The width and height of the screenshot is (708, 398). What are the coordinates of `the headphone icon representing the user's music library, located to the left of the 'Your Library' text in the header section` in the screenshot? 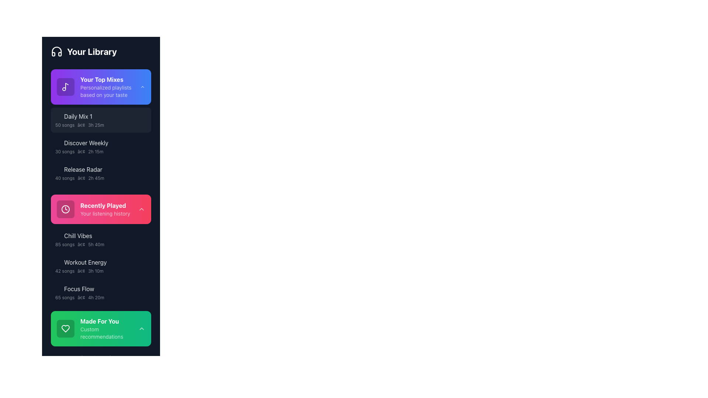 It's located at (56, 51).